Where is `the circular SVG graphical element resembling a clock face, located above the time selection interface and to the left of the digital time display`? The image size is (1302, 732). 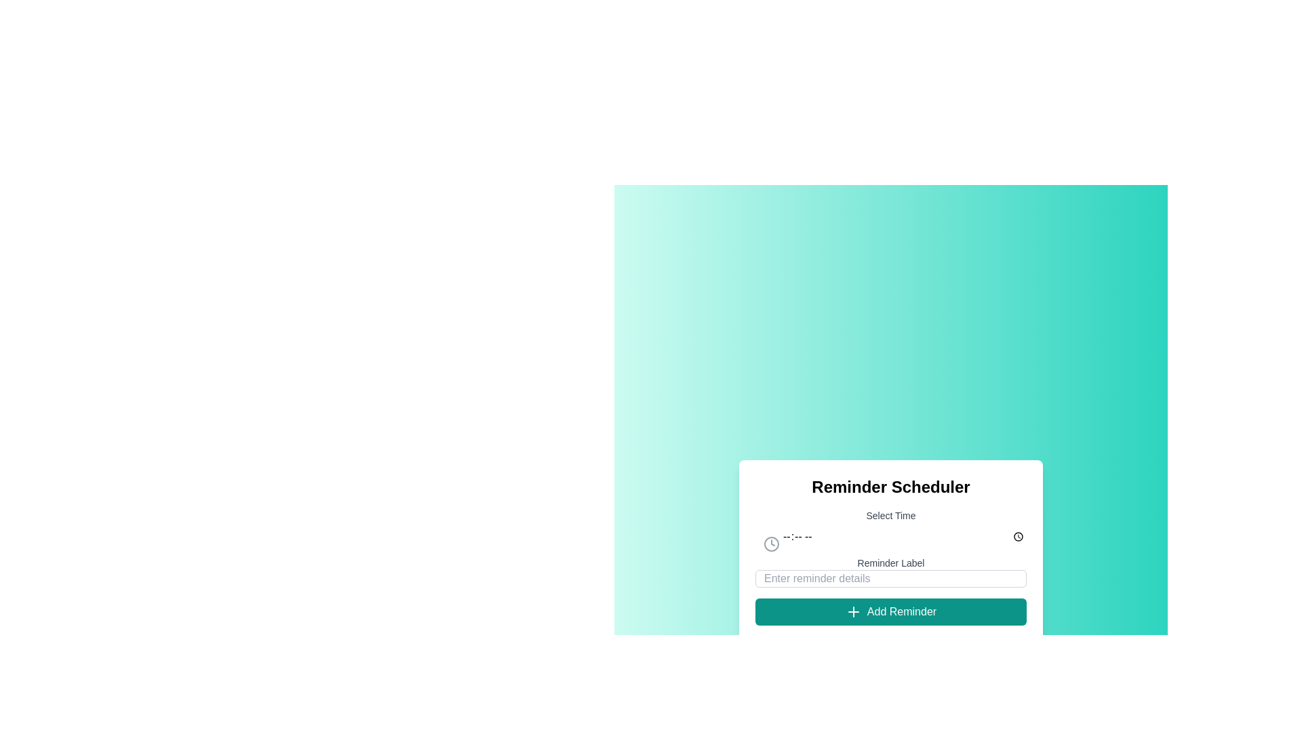
the circular SVG graphical element resembling a clock face, located above the time selection interface and to the left of the digital time display is located at coordinates (771, 543).